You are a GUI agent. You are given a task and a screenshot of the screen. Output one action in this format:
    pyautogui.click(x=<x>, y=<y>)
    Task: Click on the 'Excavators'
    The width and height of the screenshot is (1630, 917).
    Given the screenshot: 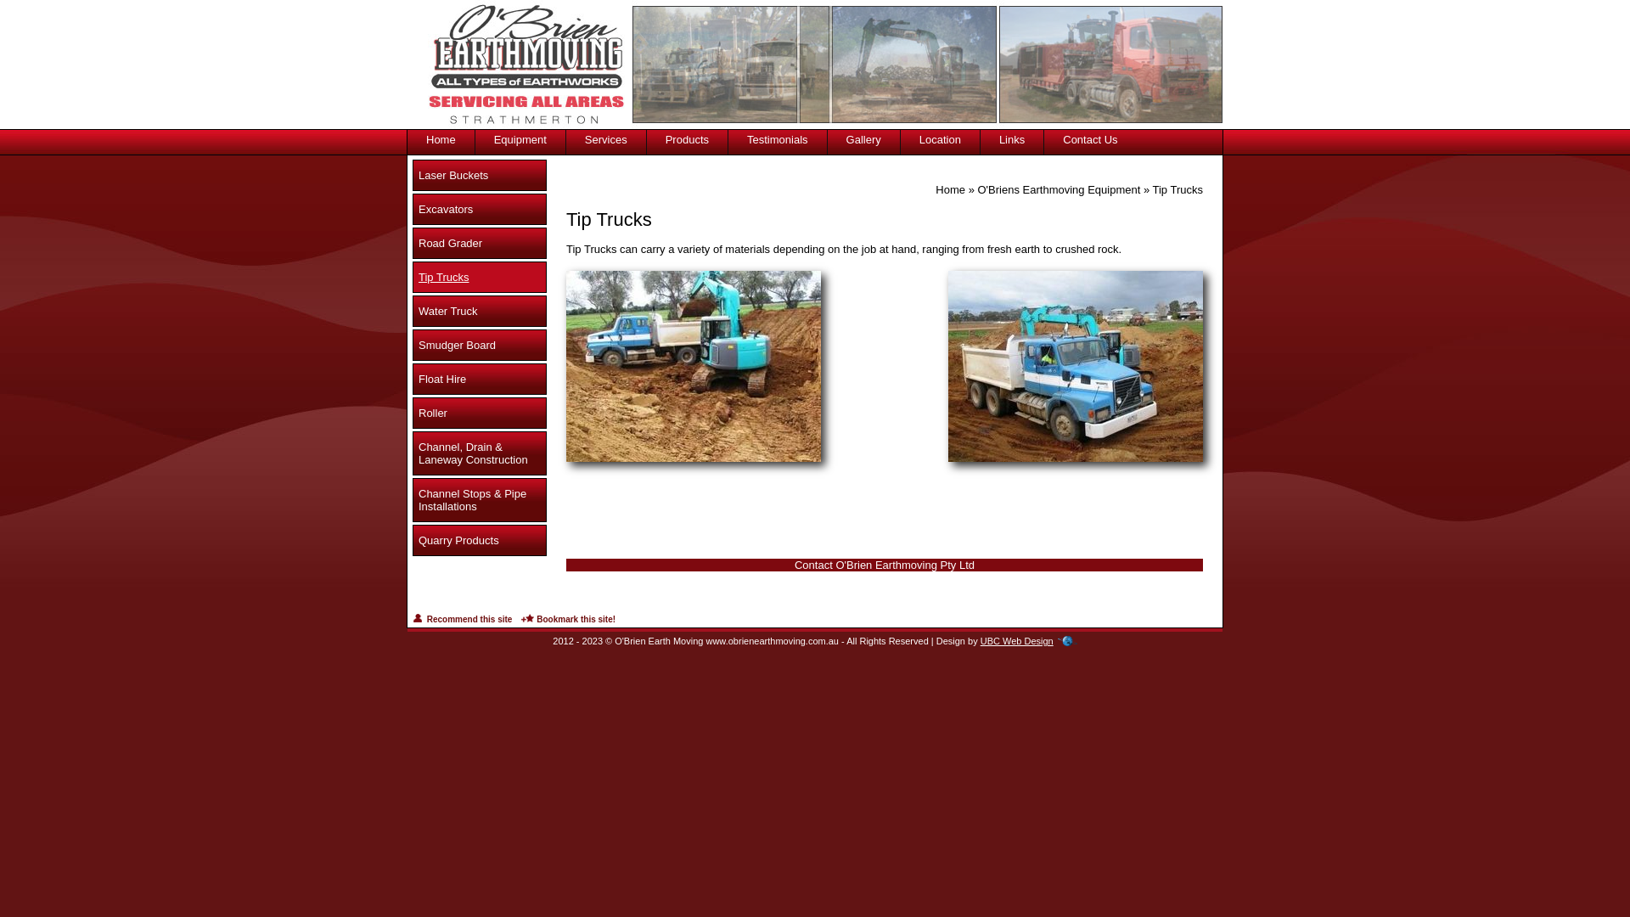 What is the action you would take?
    pyautogui.click(x=479, y=208)
    